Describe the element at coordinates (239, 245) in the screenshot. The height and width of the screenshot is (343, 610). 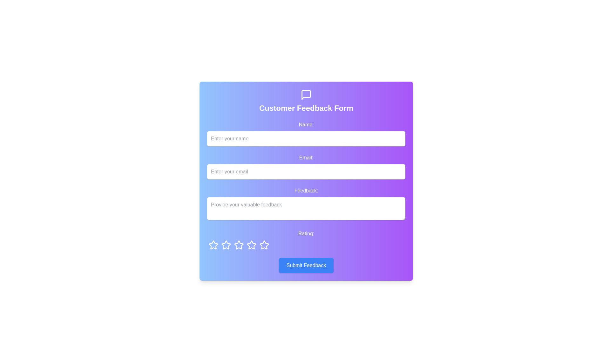
I see `the fifth star icon in the rating section, which is a hollow outlined star displayed in white with a glow` at that location.